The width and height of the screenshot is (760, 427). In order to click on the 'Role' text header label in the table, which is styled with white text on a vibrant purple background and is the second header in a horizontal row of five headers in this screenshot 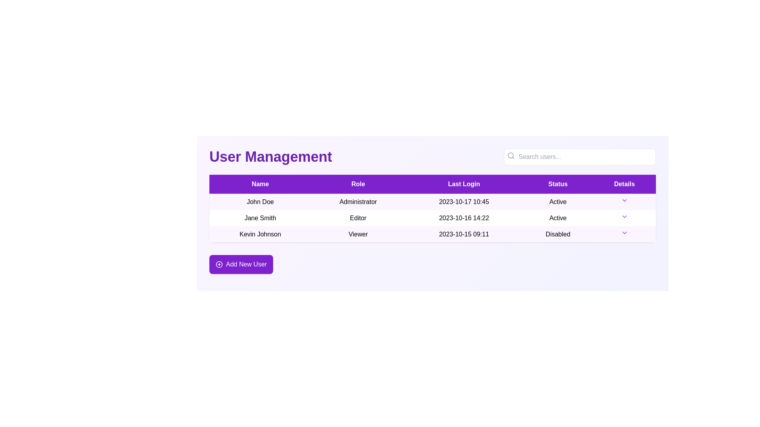, I will do `click(357, 184)`.